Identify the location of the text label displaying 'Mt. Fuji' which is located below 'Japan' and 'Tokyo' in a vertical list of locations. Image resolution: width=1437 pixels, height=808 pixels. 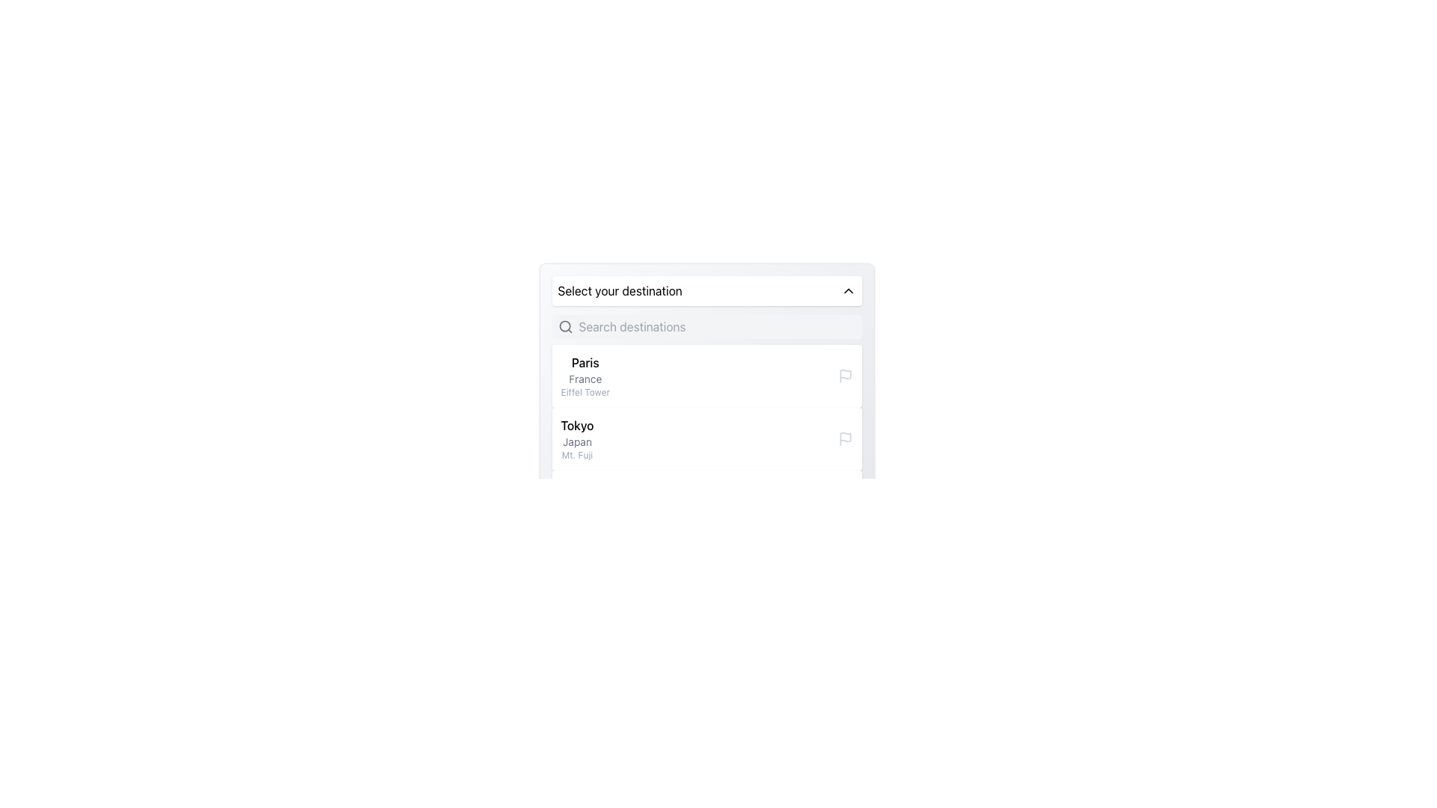
(576, 455).